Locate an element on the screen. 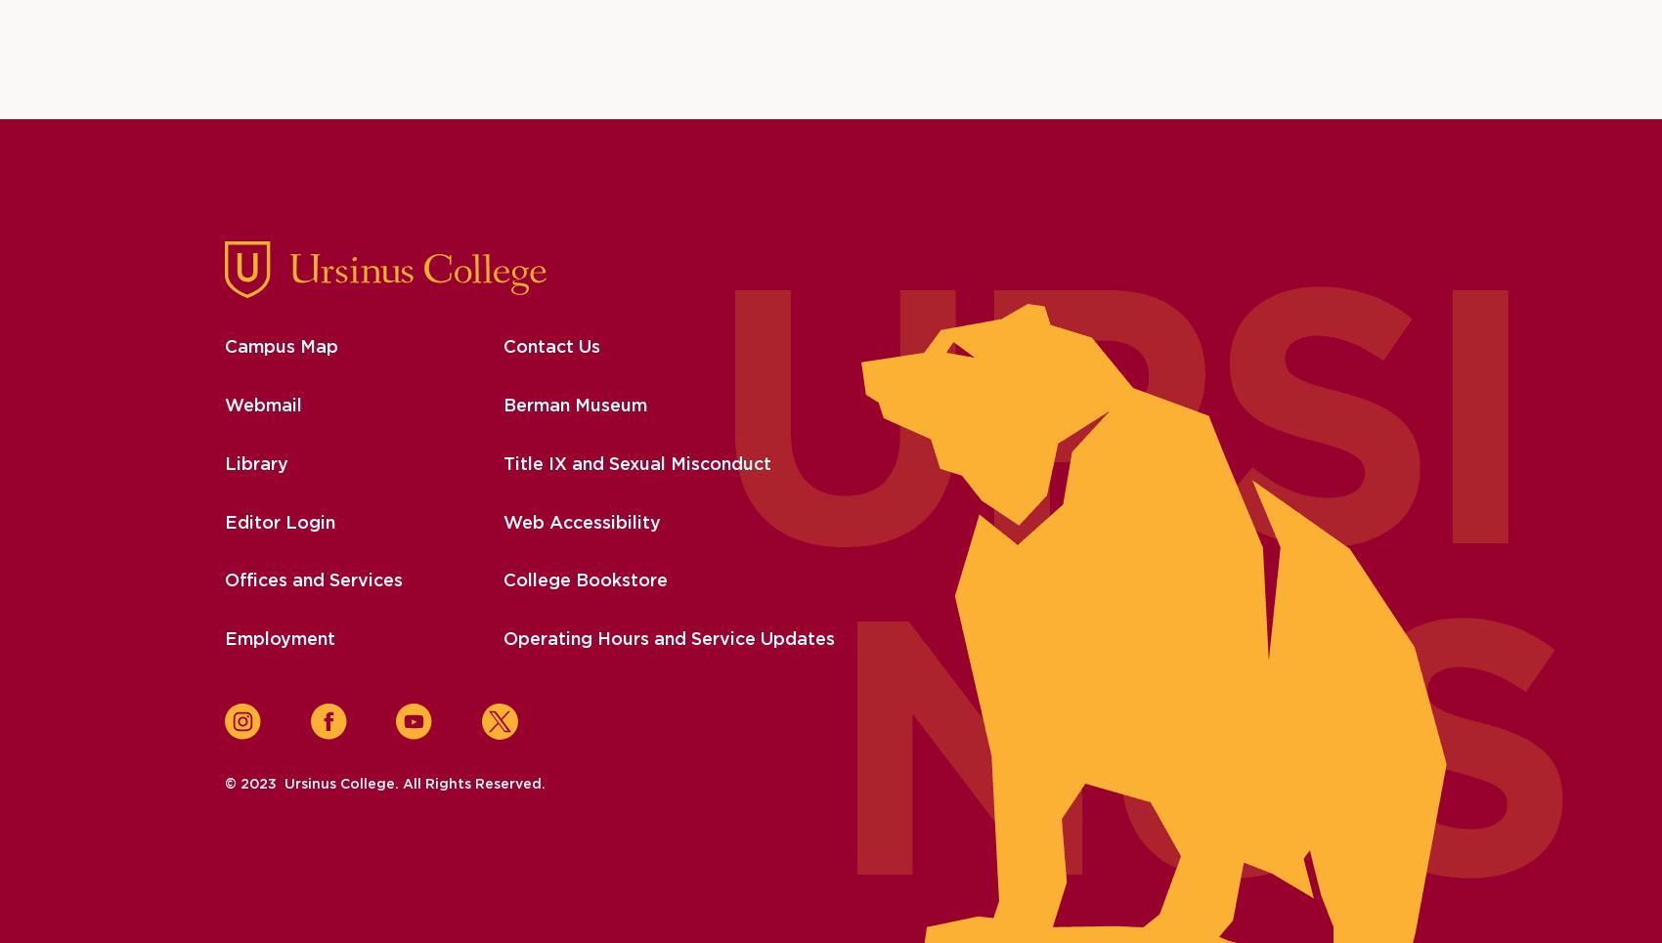 This screenshot has width=1662, height=943. 'Title IX and Sexual Misconduct' is located at coordinates (503, 462).